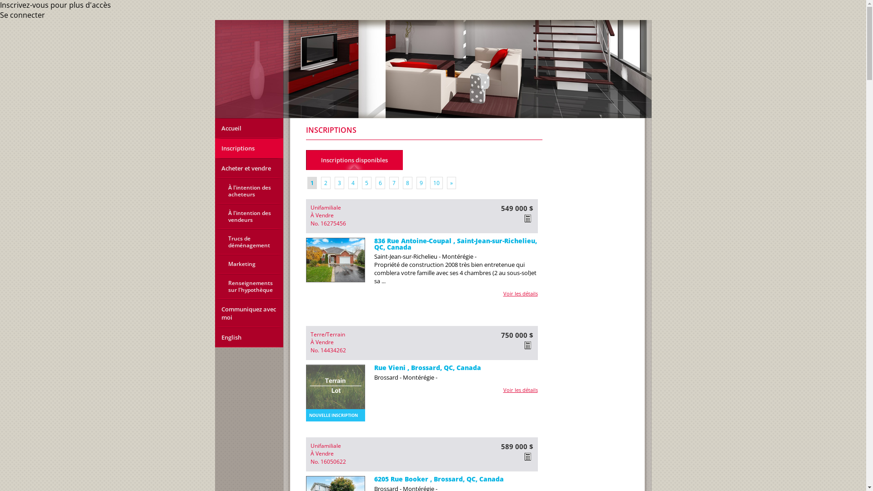  What do you see at coordinates (339, 183) in the screenshot?
I see `'3'` at bounding box center [339, 183].